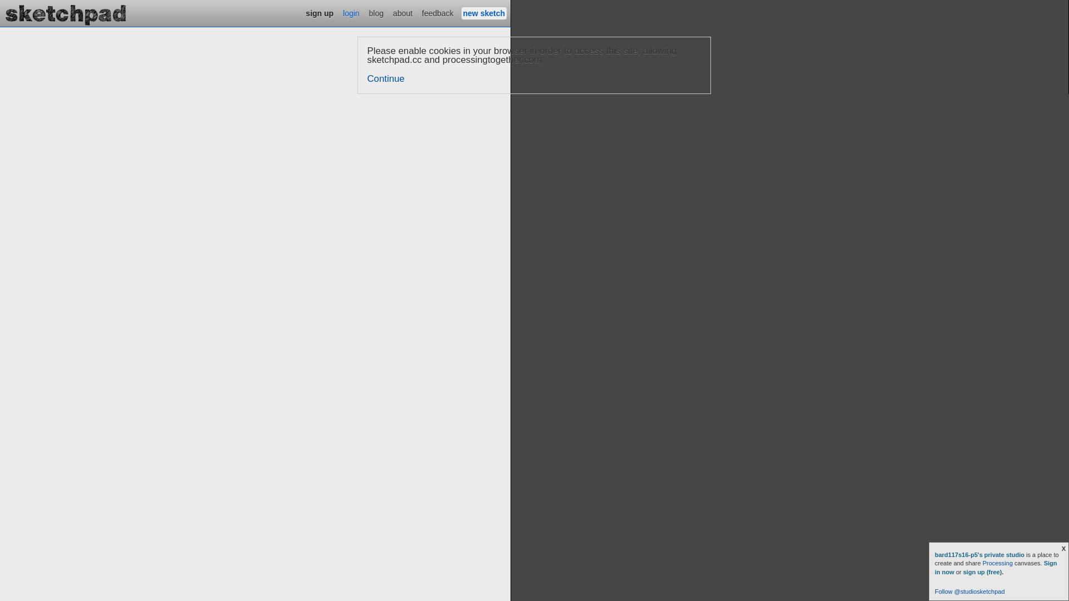  Describe the element at coordinates (319, 13) in the screenshot. I see `'sign up'` at that location.